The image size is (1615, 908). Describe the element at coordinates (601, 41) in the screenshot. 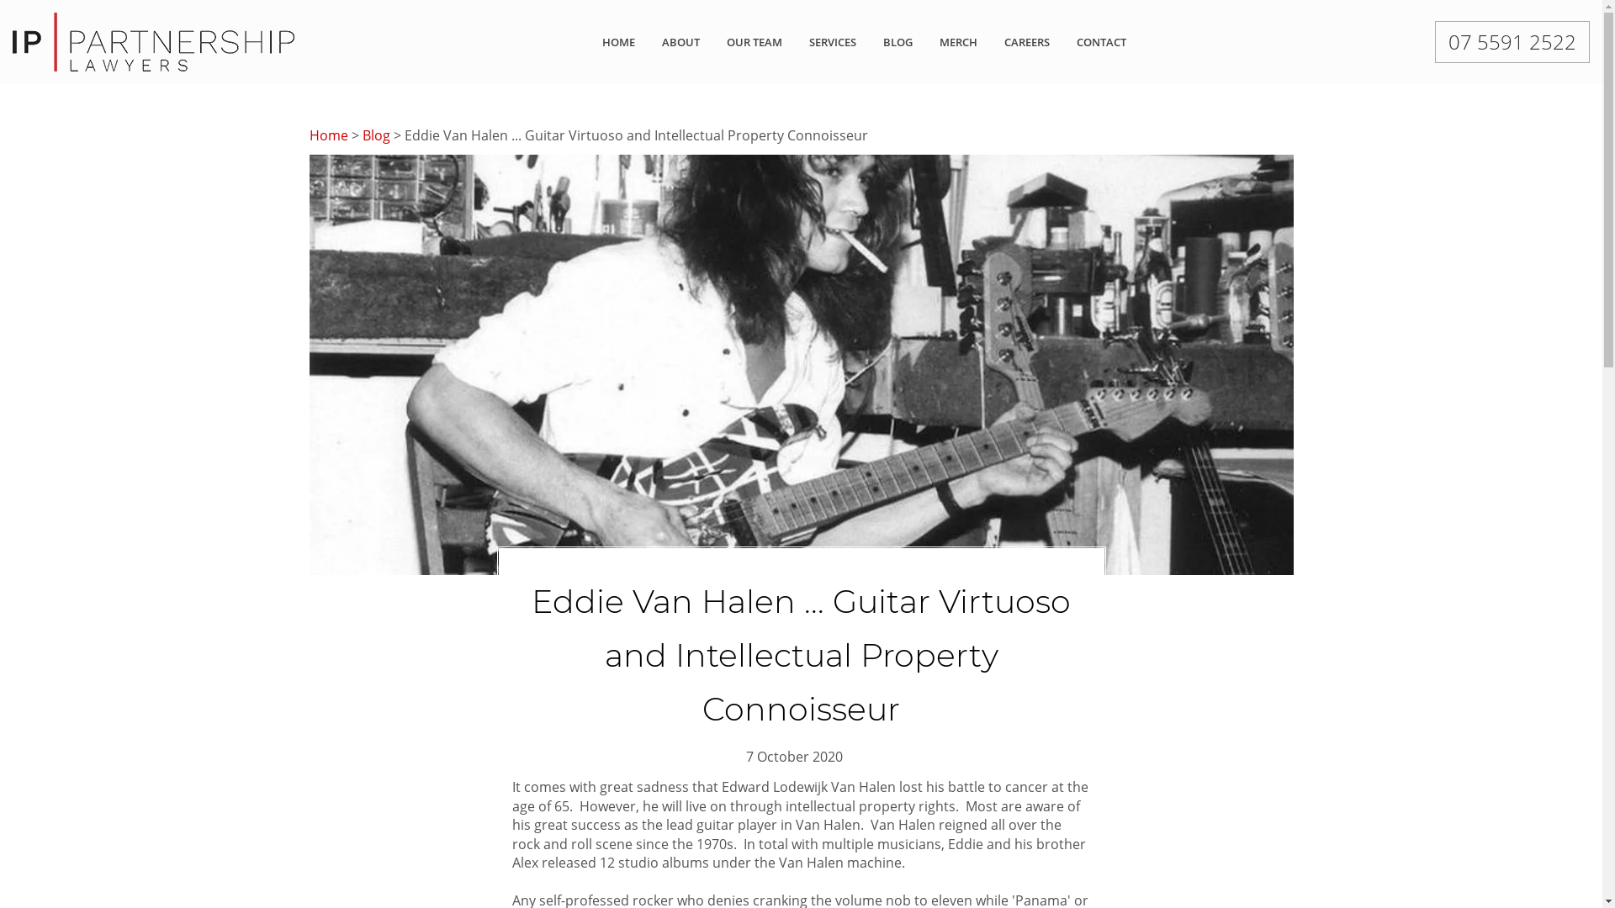

I see `'HOME'` at that location.